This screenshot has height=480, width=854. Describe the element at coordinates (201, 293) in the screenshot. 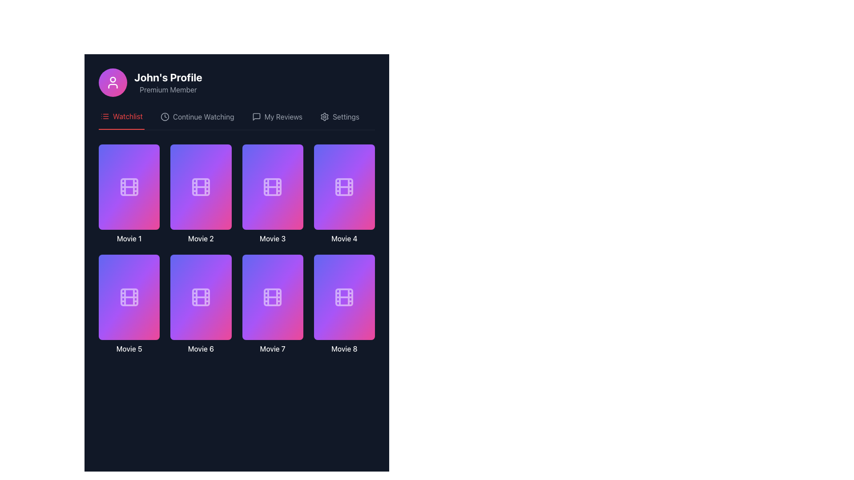

I see `the 'play' icon located in the center of the card labeled 'Movie 6'` at that location.